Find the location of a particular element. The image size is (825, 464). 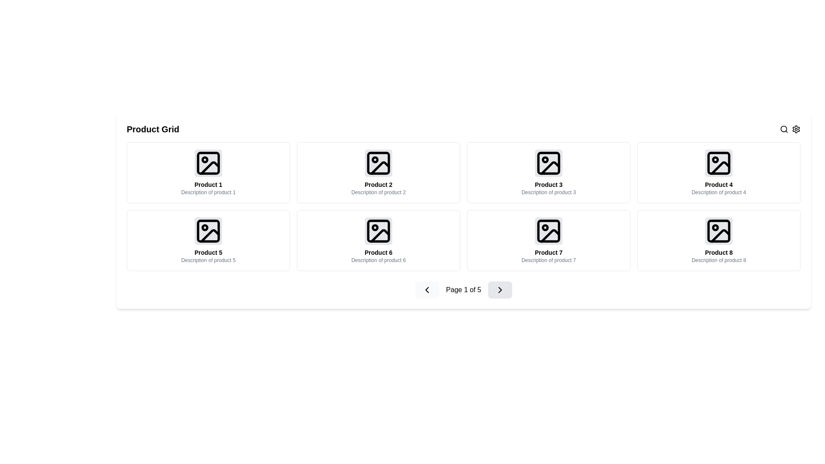

the chevron icon within the light gray button in the bottom navigation bar is located at coordinates (500, 290).